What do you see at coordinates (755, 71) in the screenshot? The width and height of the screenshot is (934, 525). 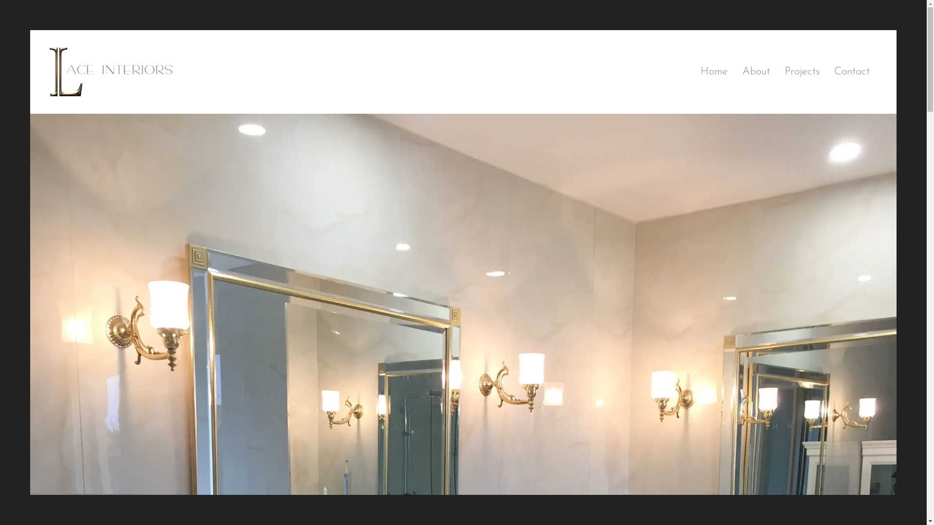 I see `'About'` at bounding box center [755, 71].